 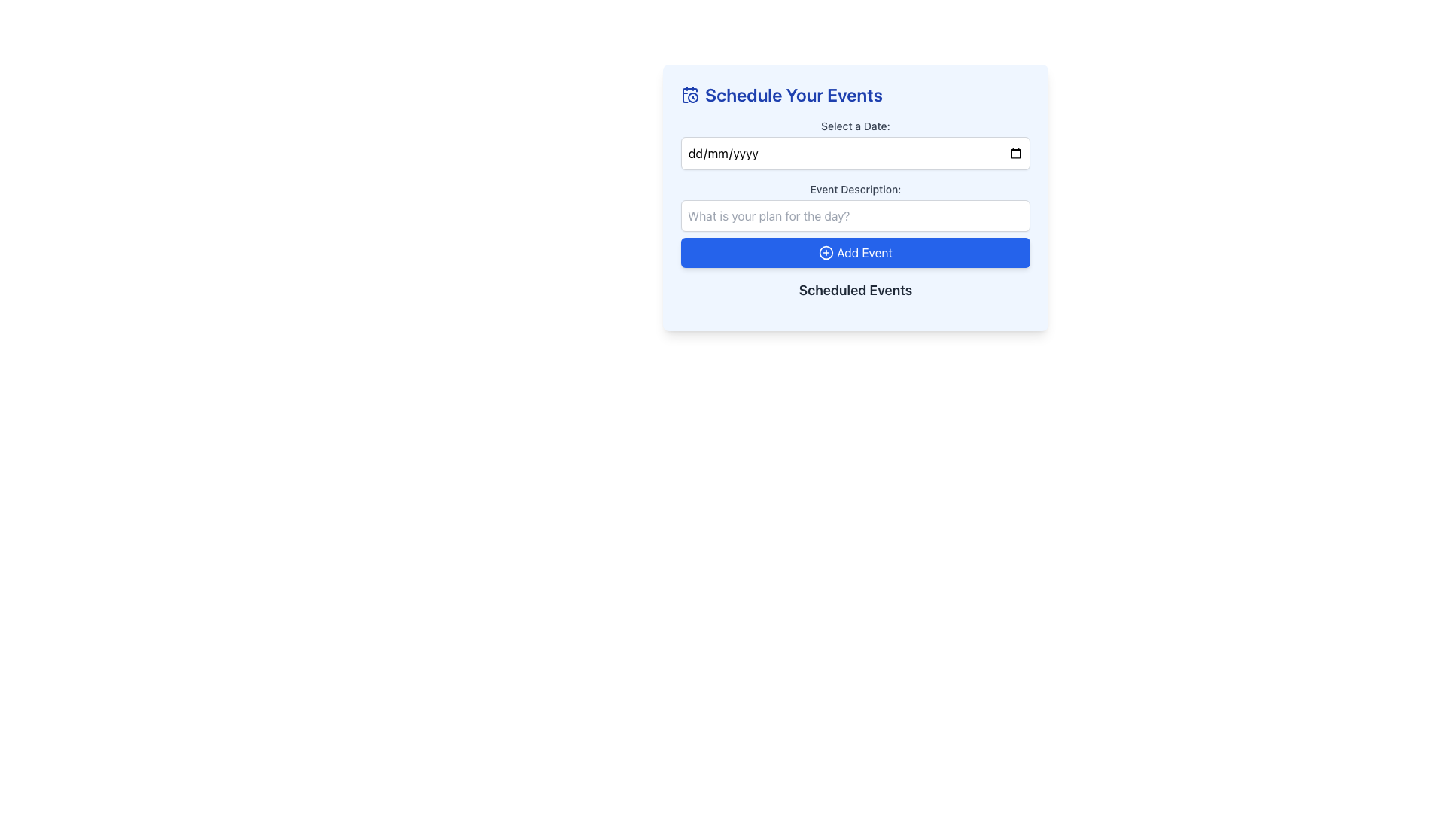 What do you see at coordinates (689, 95) in the screenshot?
I see `the blue calendar and clock icon located to the left of the 'Schedule Your Events' heading` at bounding box center [689, 95].